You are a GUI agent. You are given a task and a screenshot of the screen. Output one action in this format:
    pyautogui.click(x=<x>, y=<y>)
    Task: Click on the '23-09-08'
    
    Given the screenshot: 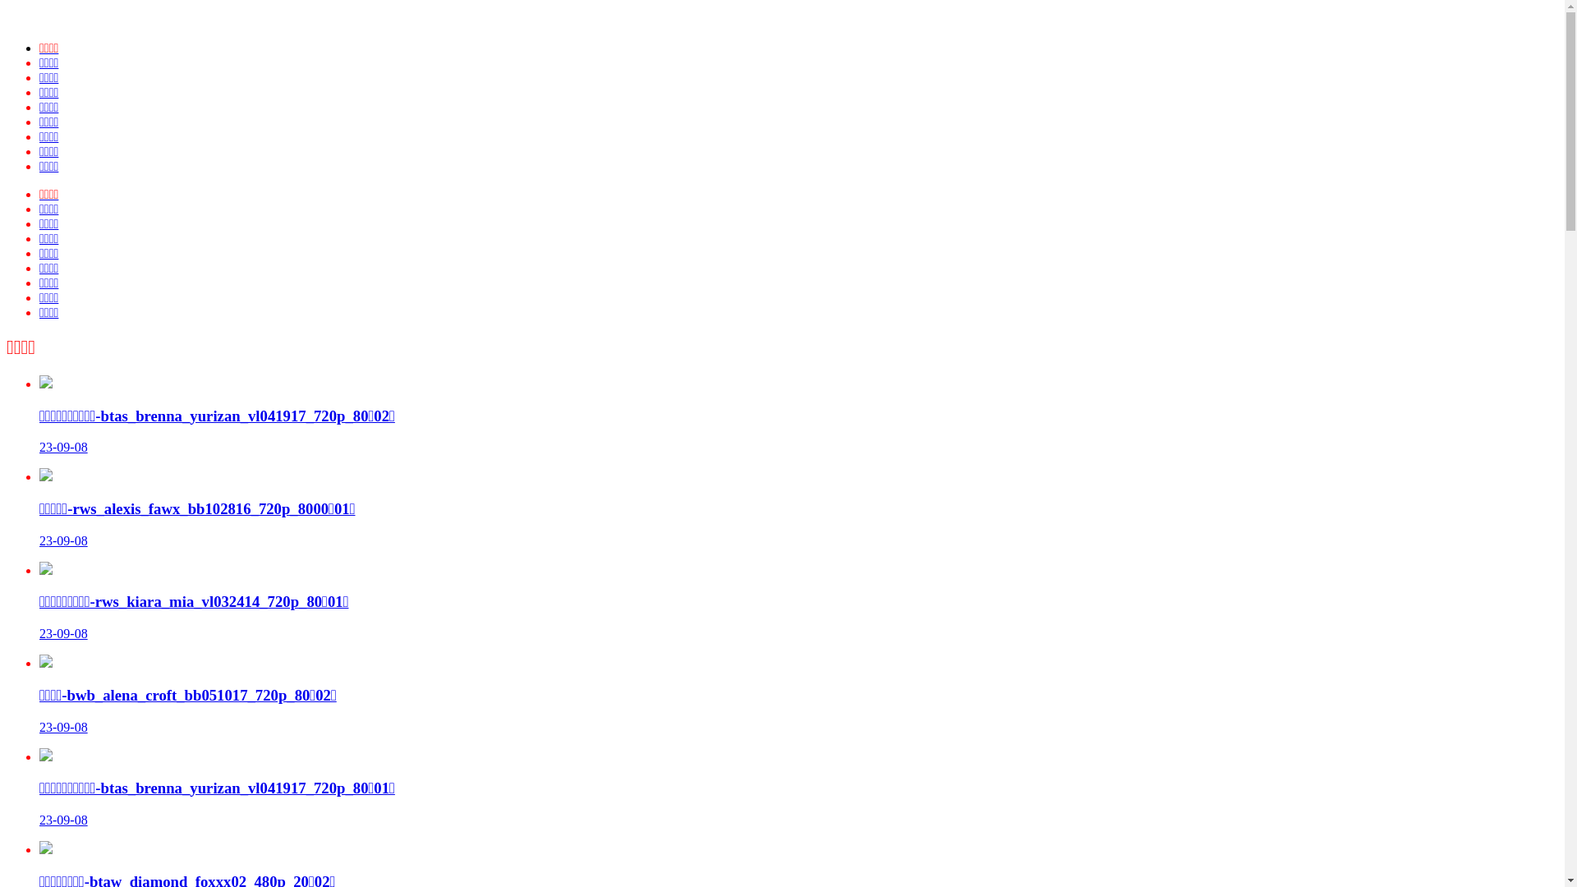 What is the action you would take?
    pyautogui.click(x=63, y=820)
    